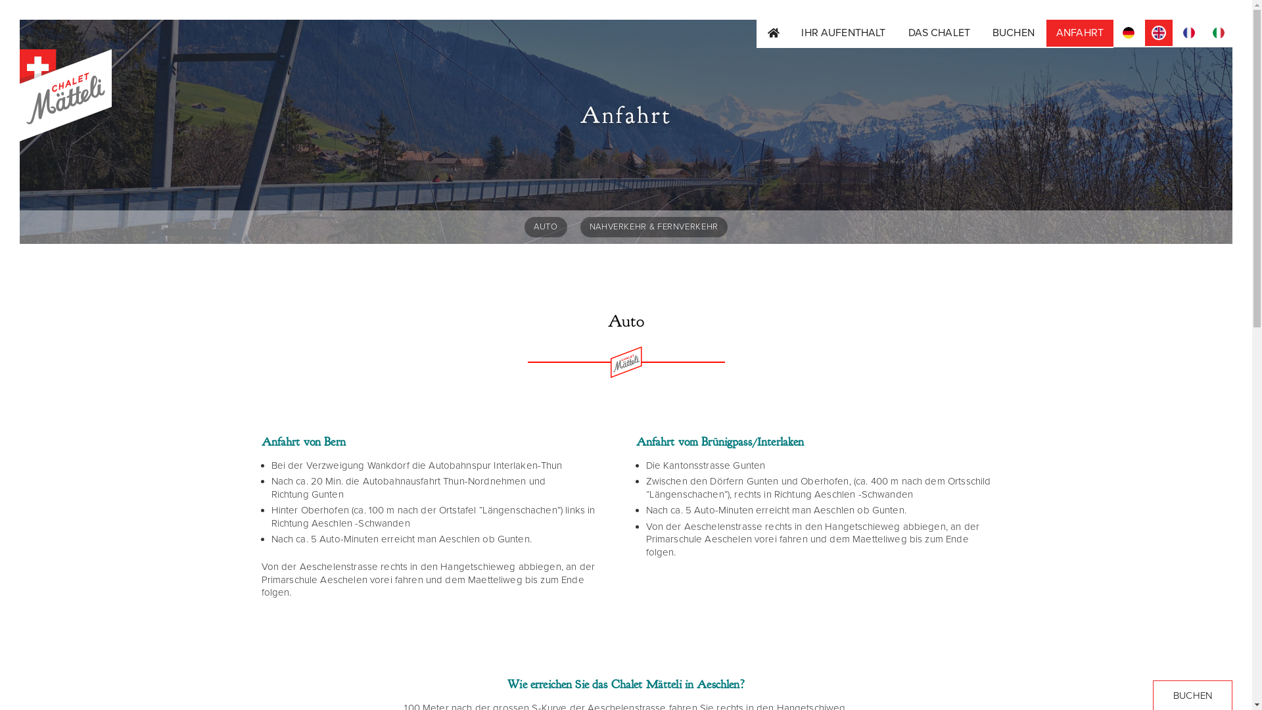 Image resolution: width=1262 pixels, height=710 pixels. I want to click on 'IHR AUFENTHALT', so click(843, 33).